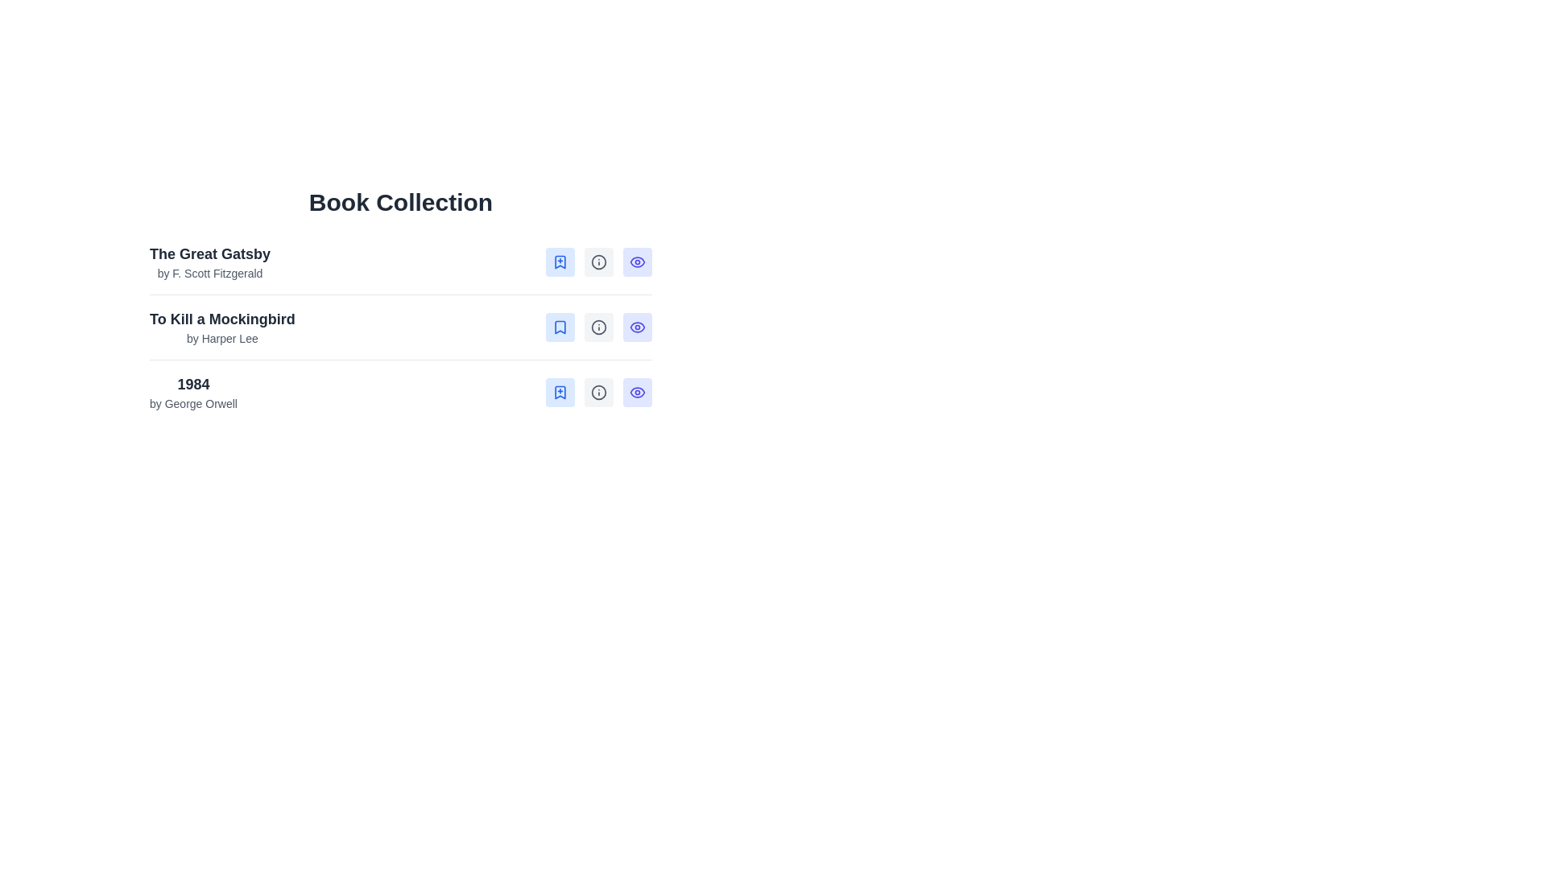 The width and height of the screenshot is (1546, 869). I want to click on the SVG circle graphic that is part of the information icon next to the entry 'To Kill a Mockingbird', so click(598, 262).